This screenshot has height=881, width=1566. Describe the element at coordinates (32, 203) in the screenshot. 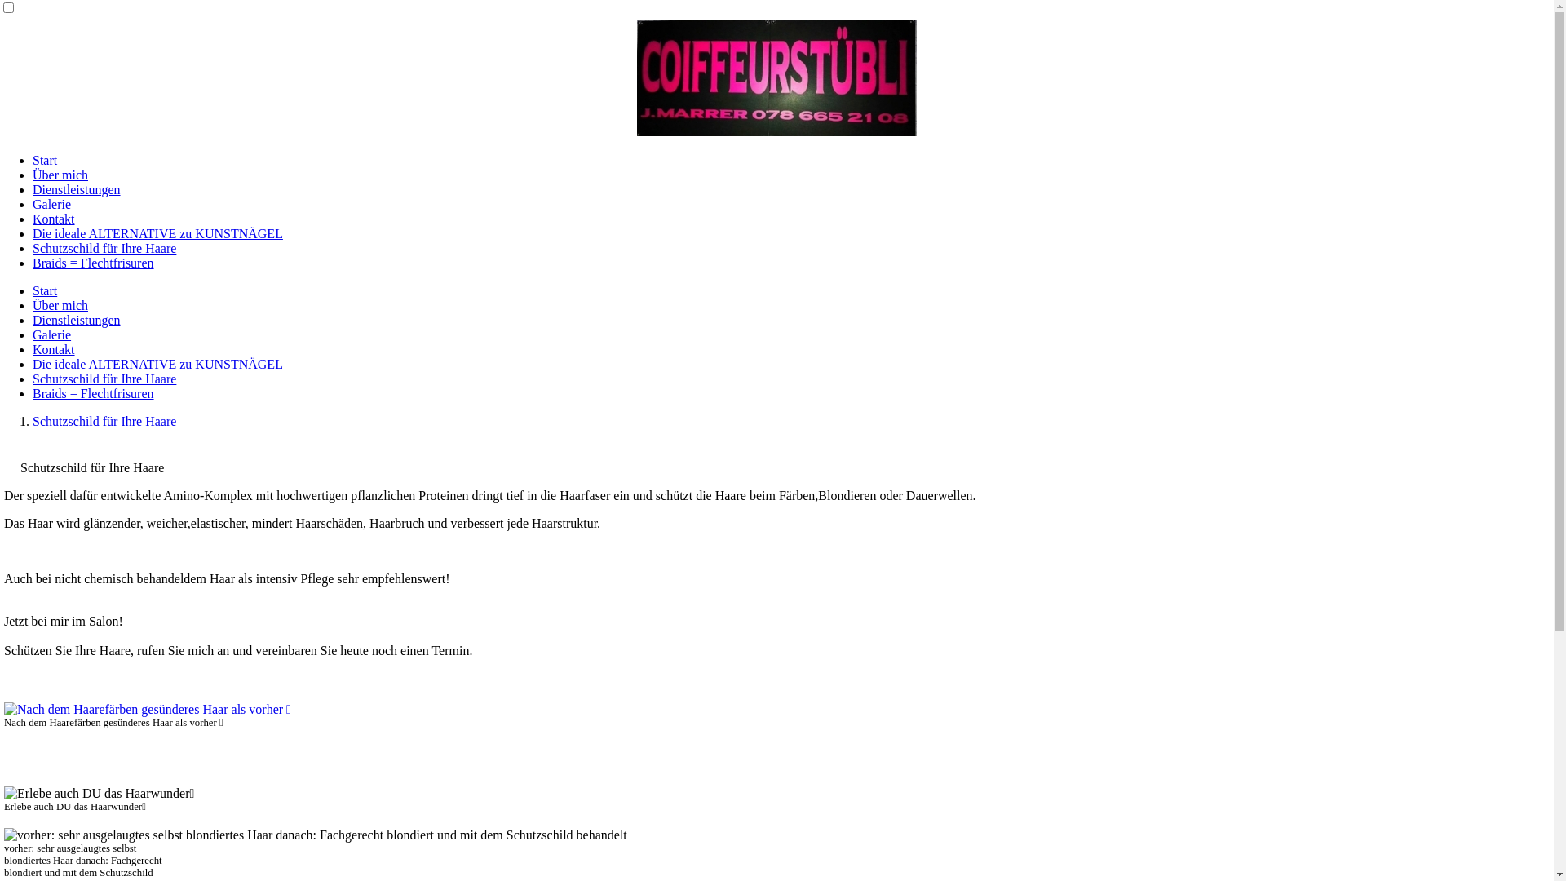

I see `'Galerie'` at that location.